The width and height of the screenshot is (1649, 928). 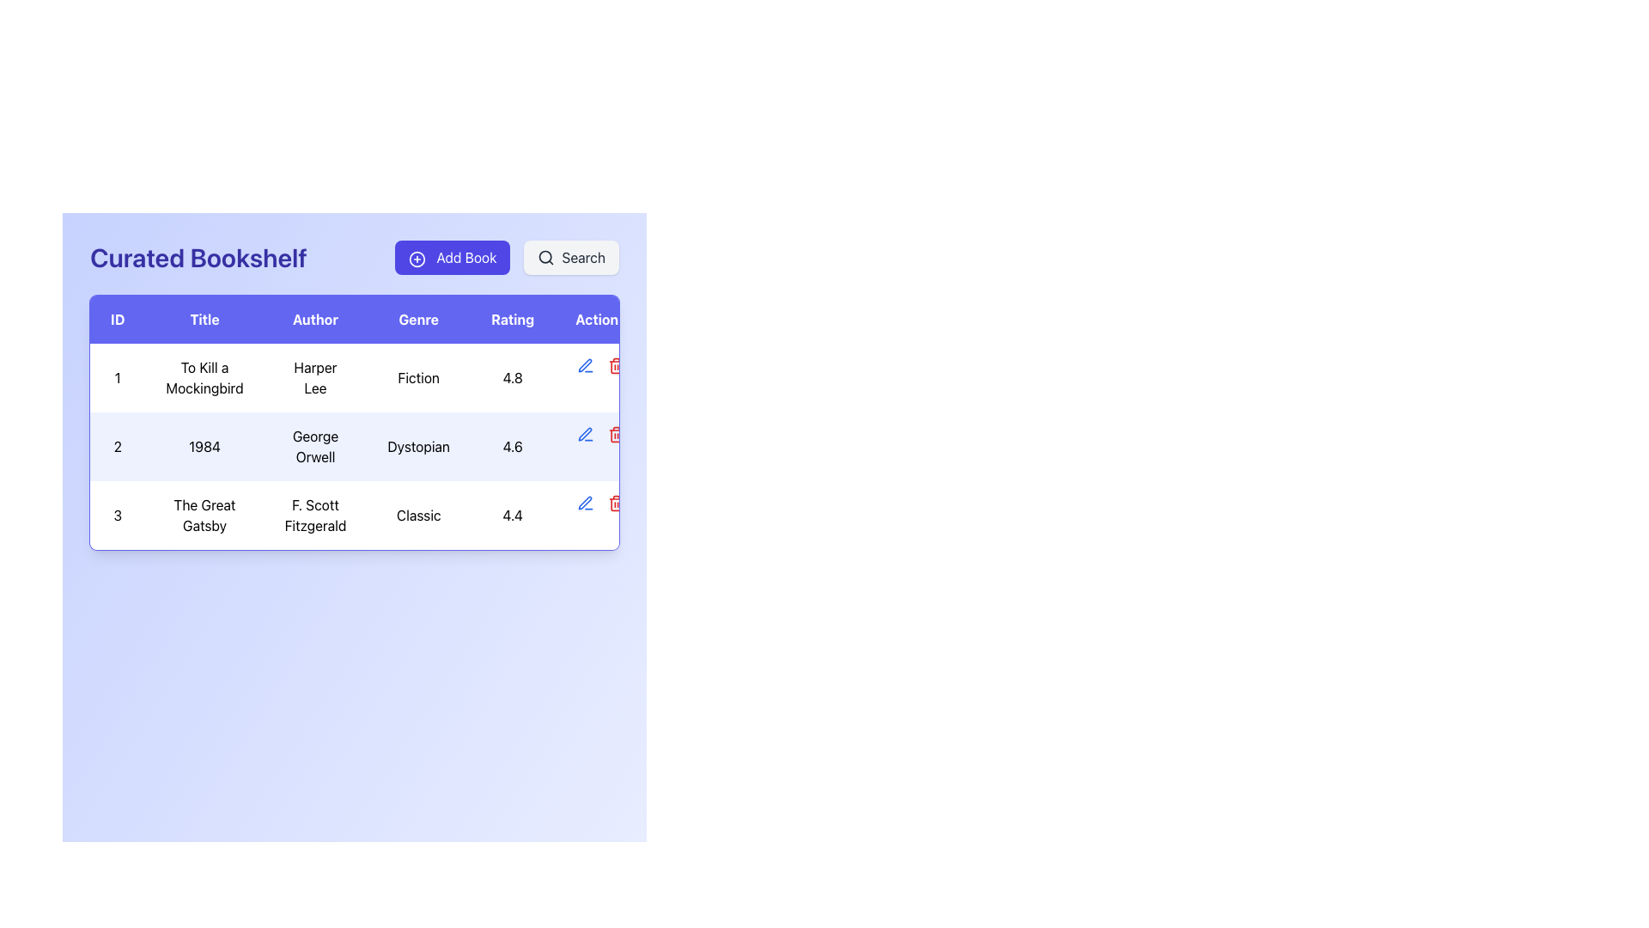 What do you see at coordinates (512, 319) in the screenshot?
I see `the 'Rating' column header text label, which is the fifth column in the table, located between the 'Genre' and 'Actions' columns` at bounding box center [512, 319].